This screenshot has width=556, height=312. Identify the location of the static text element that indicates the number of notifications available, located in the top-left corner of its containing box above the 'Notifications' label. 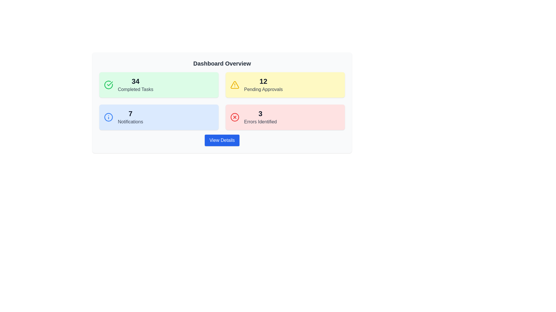
(130, 114).